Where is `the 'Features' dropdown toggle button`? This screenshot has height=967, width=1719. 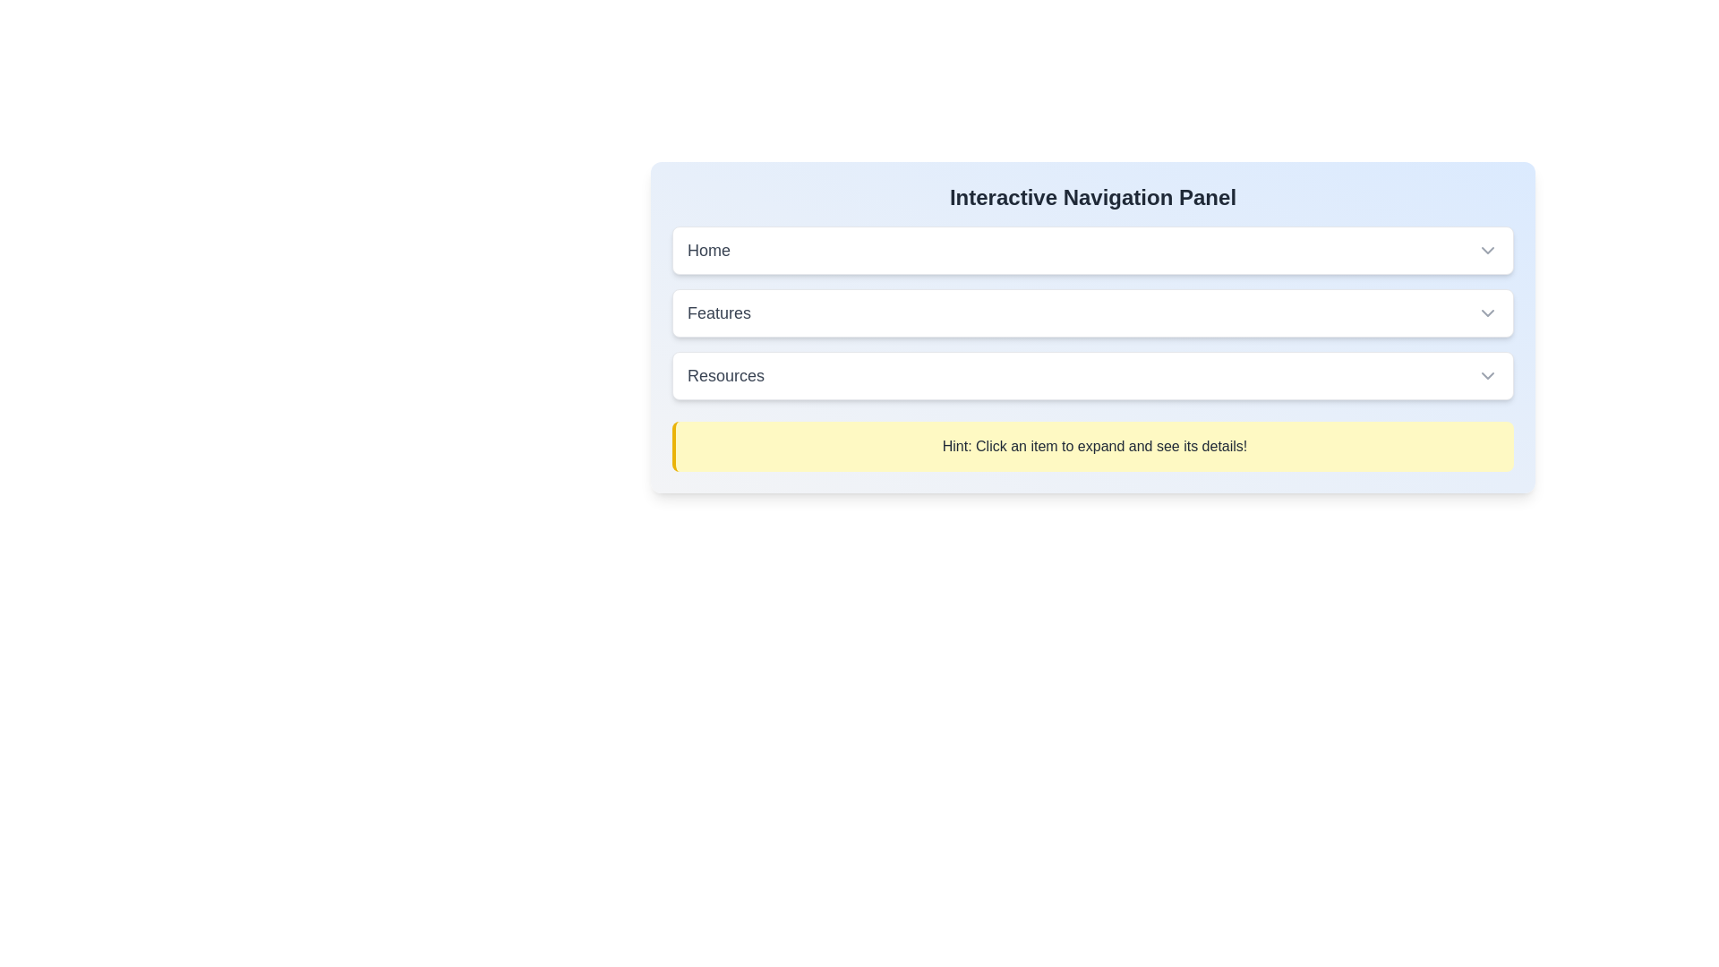 the 'Features' dropdown toggle button is located at coordinates (1091, 312).